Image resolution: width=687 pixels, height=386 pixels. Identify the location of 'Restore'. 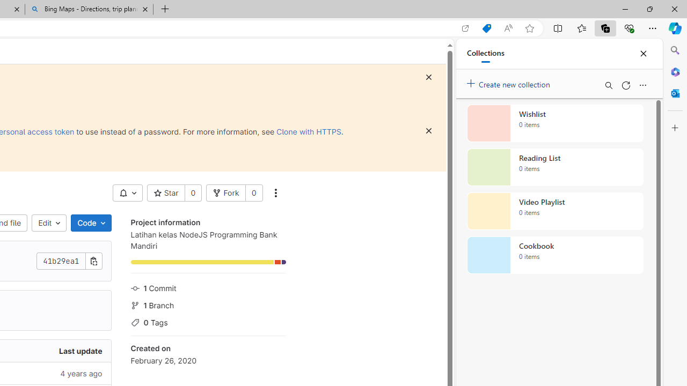
(649, 9).